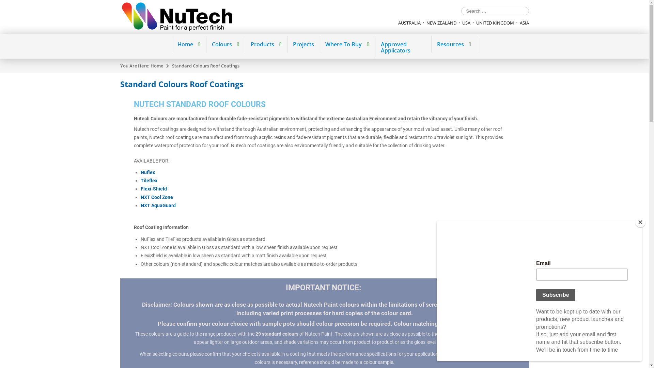  Describe the element at coordinates (403, 47) in the screenshot. I see `'Approved Applicators'` at that location.